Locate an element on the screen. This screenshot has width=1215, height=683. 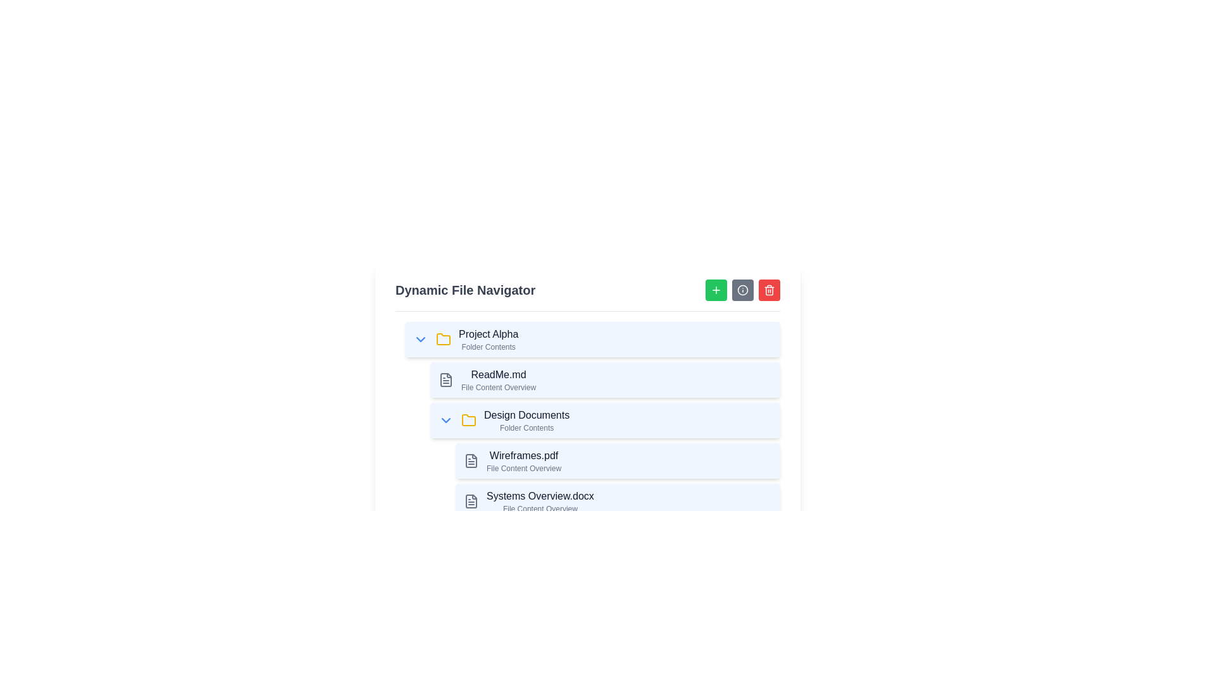
the leftmost button in the top-right corner of the interface to initiate an action is located at coordinates (716, 290).